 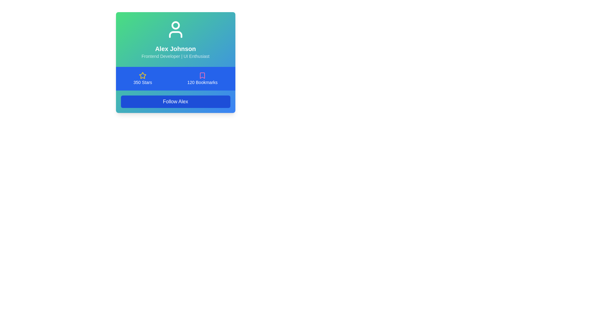 I want to click on the text label displaying '350 Stars' which is styled with a blue background and positioned underneath a star icon, so click(x=142, y=82).